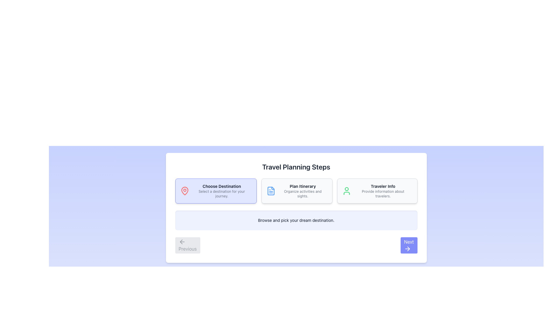 The image size is (559, 314). Describe the element at coordinates (271, 191) in the screenshot. I see `the 'Plan Itinerary' icon, which is the leftmost icon in the set of three interactive cards under the 'Travel Planning Steps' label` at that location.